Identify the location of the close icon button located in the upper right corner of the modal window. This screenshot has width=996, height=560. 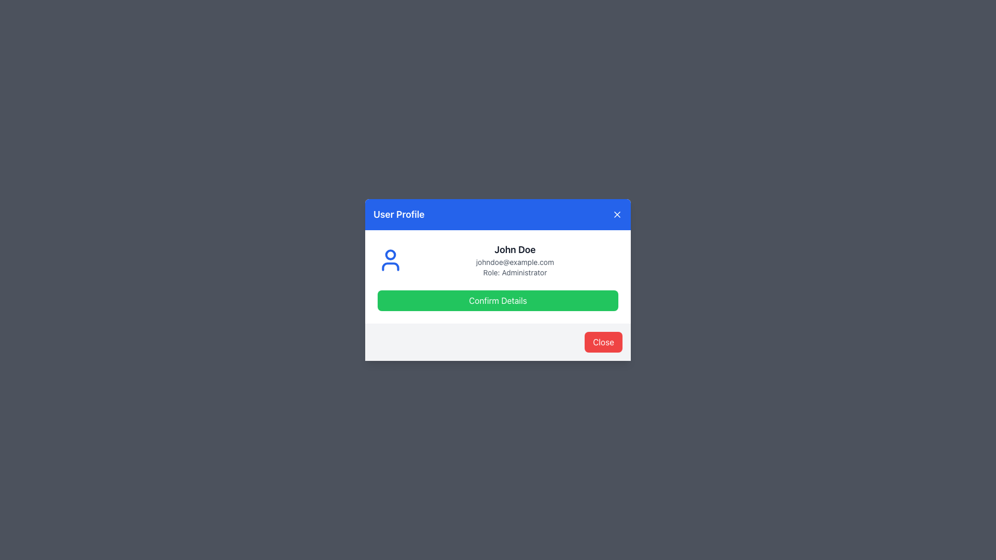
(617, 214).